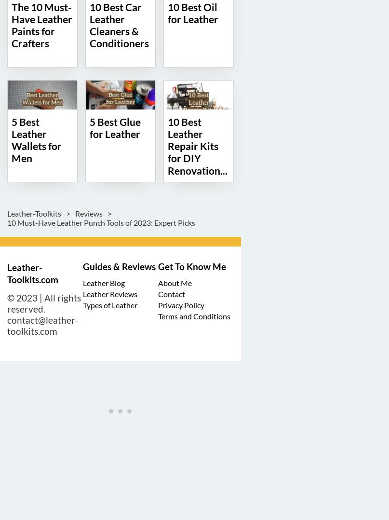  Describe the element at coordinates (35, 213) in the screenshot. I see `'Leather-Toolkits'` at that location.